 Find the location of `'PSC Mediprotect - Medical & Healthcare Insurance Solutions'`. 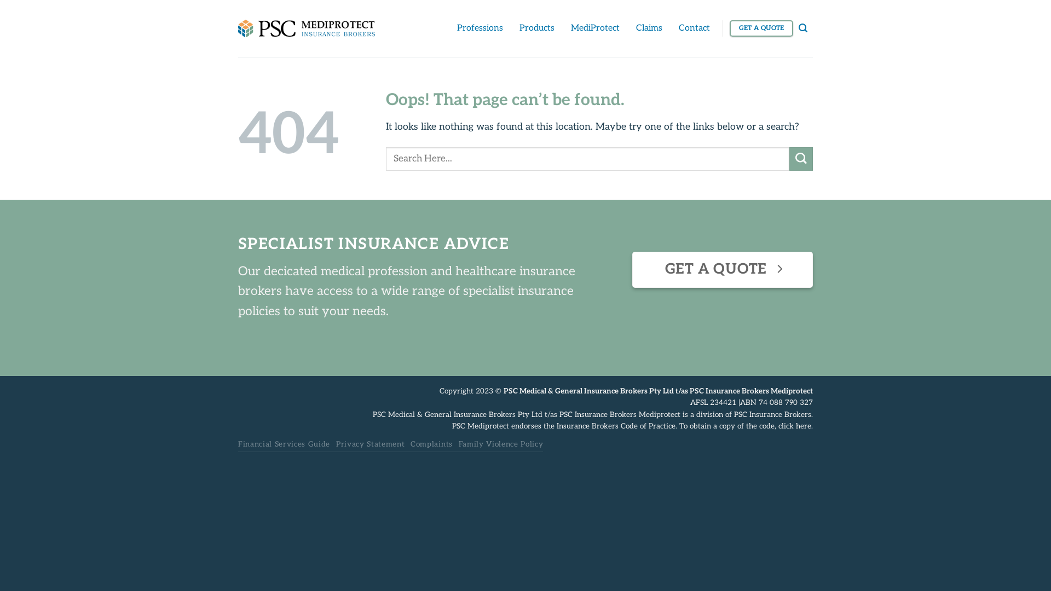

'PSC Mediprotect - Medical & Healthcare Insurance Solutions' is located at coordinates (307, 27).